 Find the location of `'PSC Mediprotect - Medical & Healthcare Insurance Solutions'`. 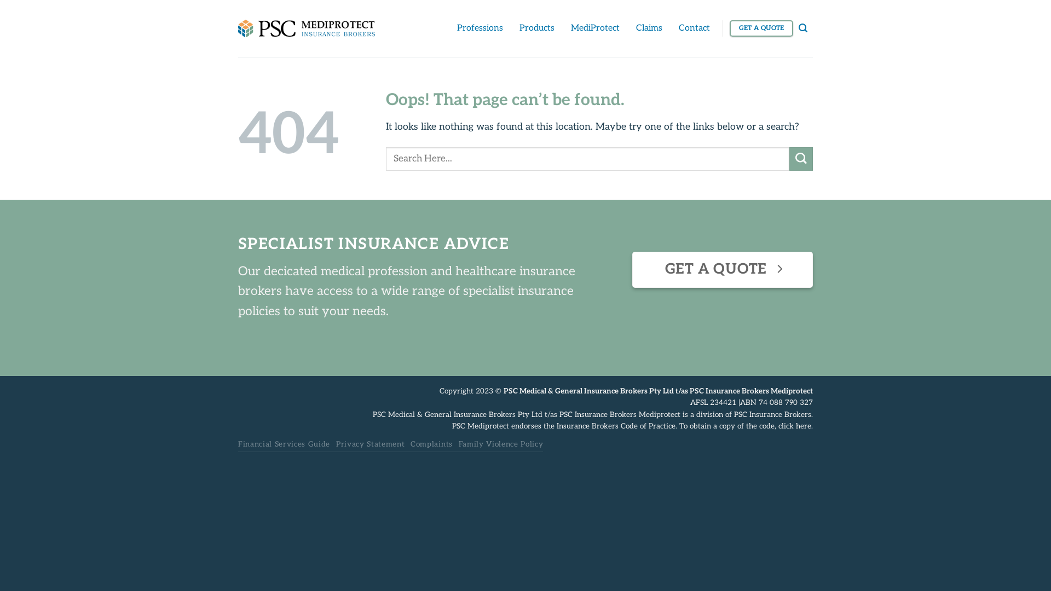

'PSC Mediprotect - Medical & Healthcare Insurance Solutions' is located at coordinates (307, 27).